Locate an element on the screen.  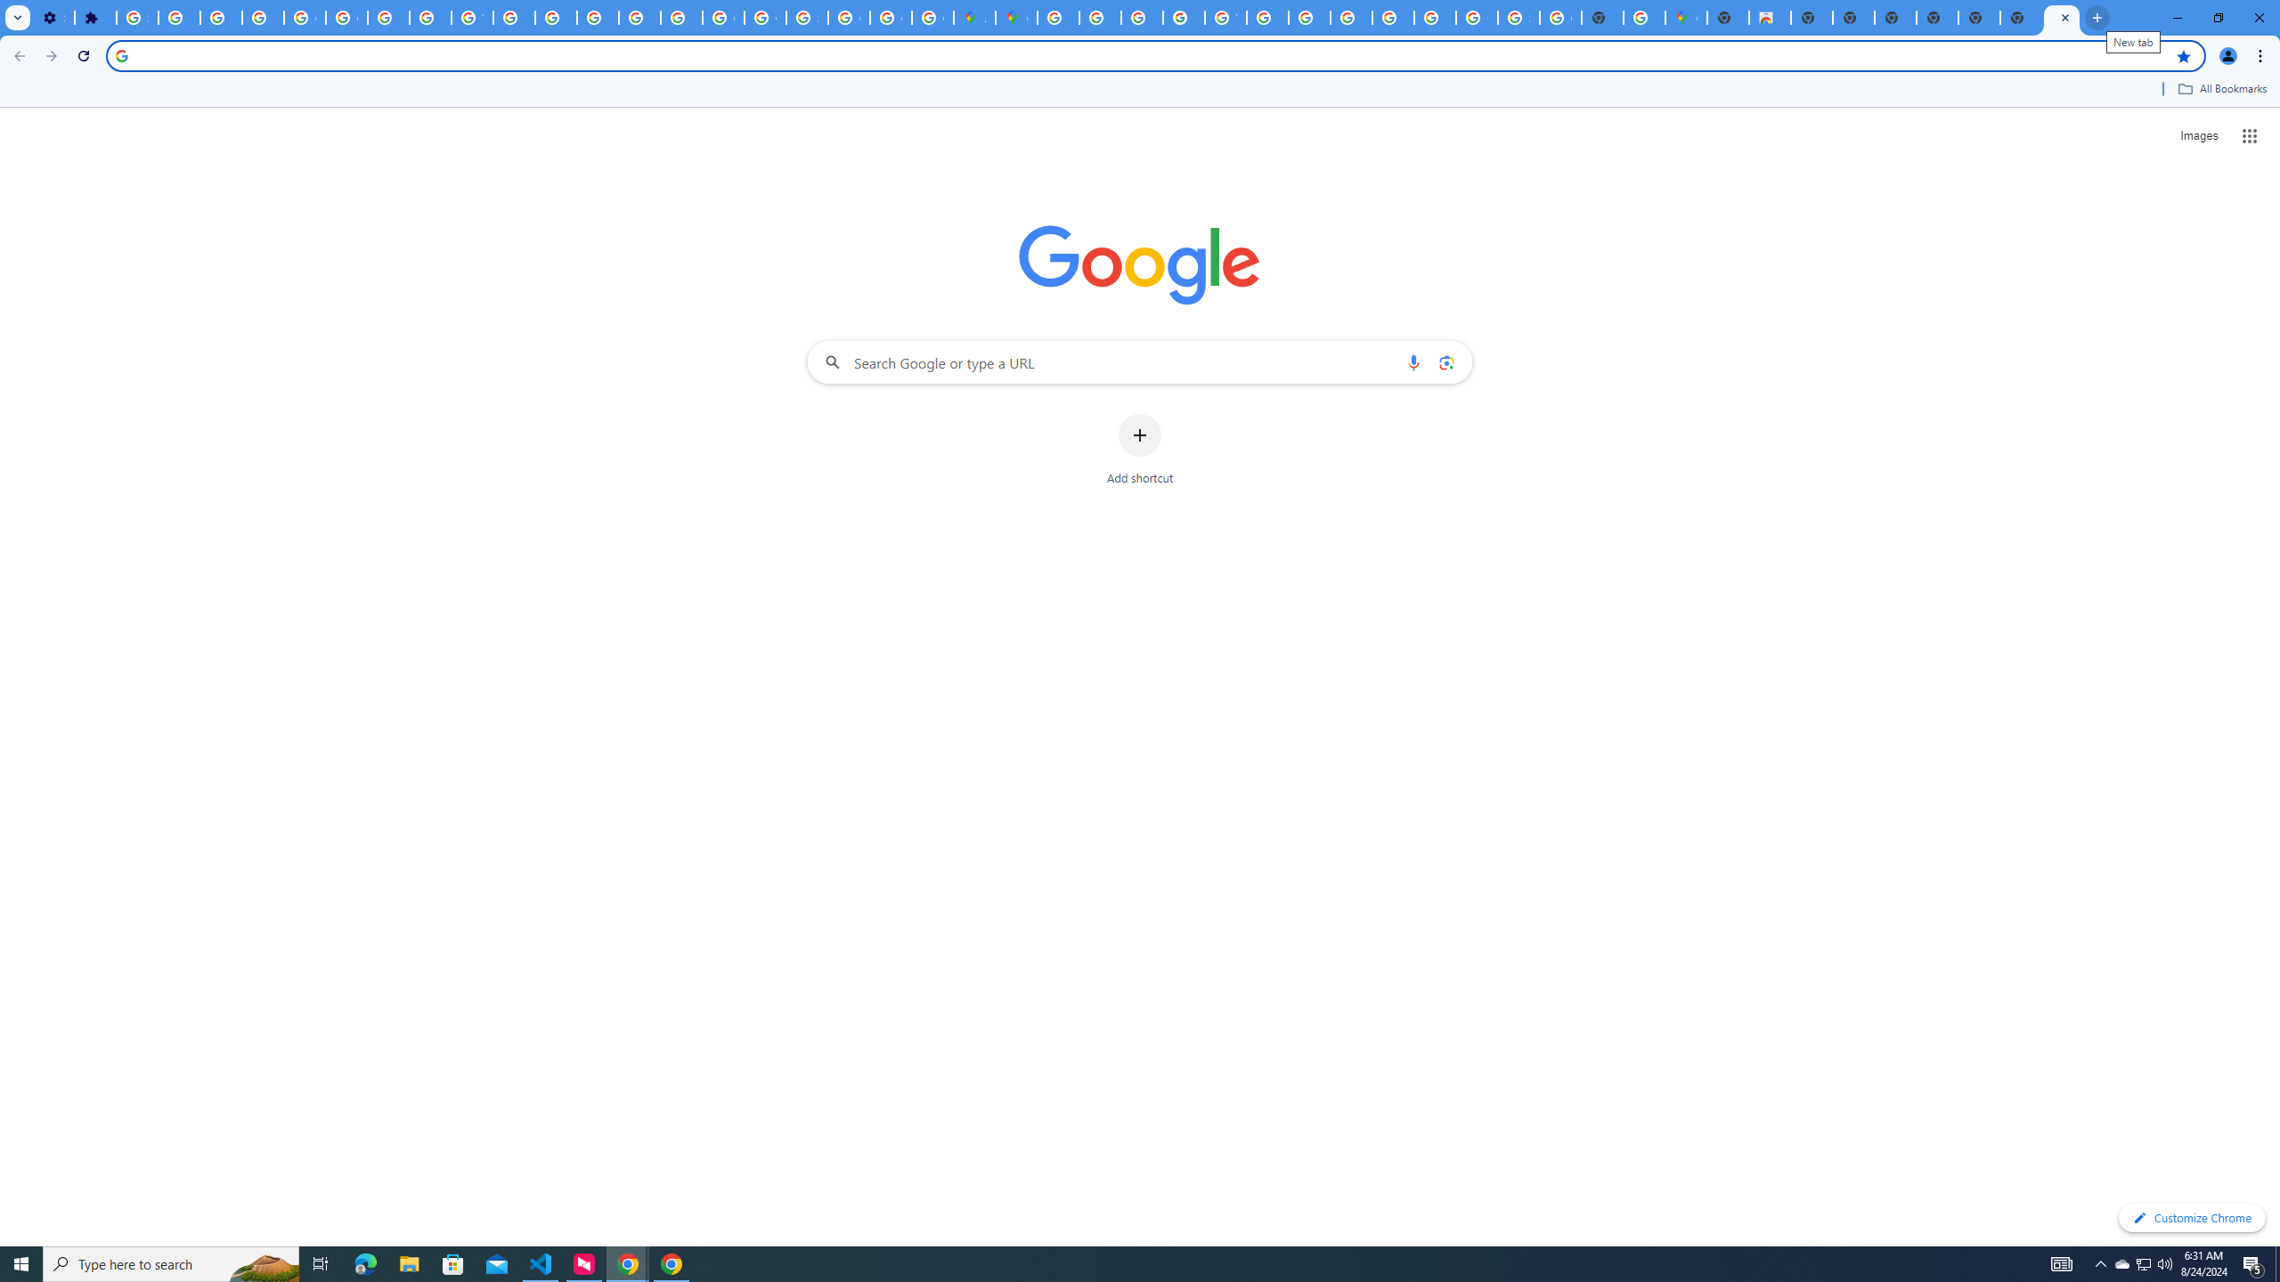
'Google Account Help' is located at coordinates (346, 17).